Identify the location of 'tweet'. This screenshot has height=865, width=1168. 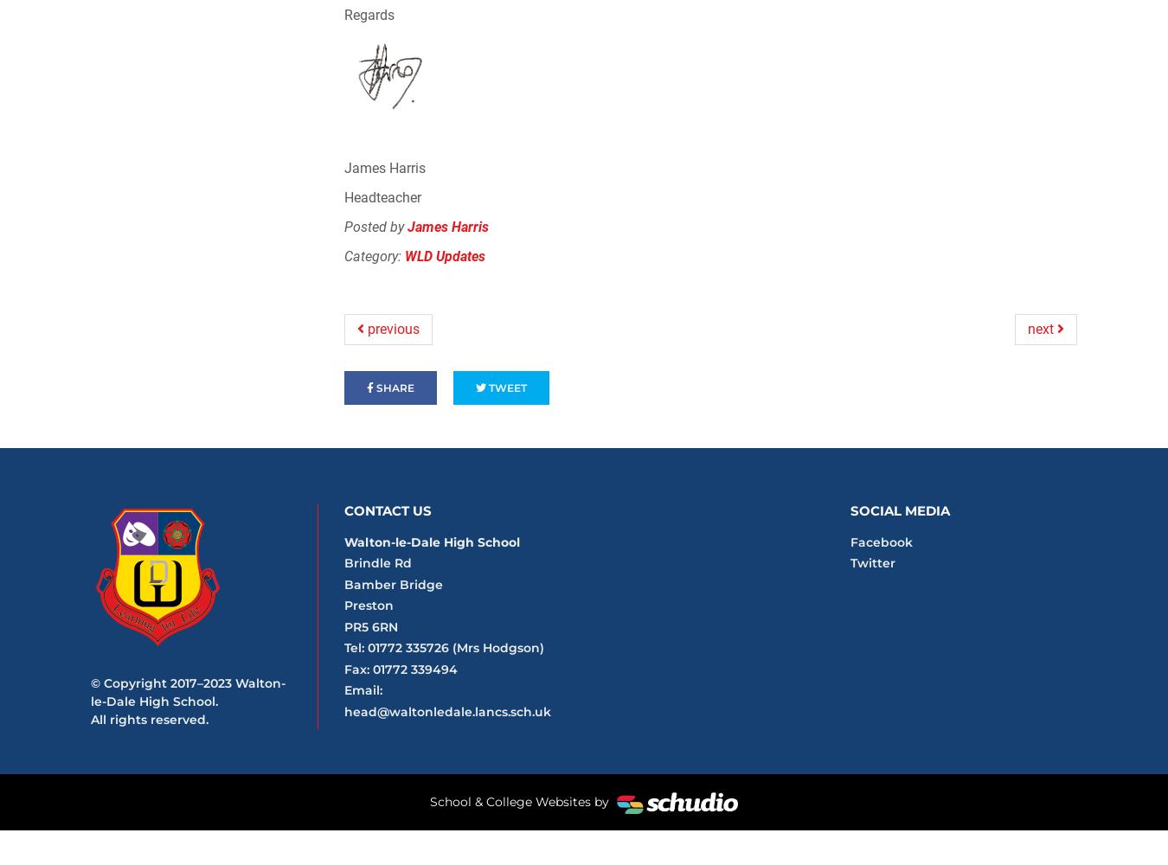
(505, 387).